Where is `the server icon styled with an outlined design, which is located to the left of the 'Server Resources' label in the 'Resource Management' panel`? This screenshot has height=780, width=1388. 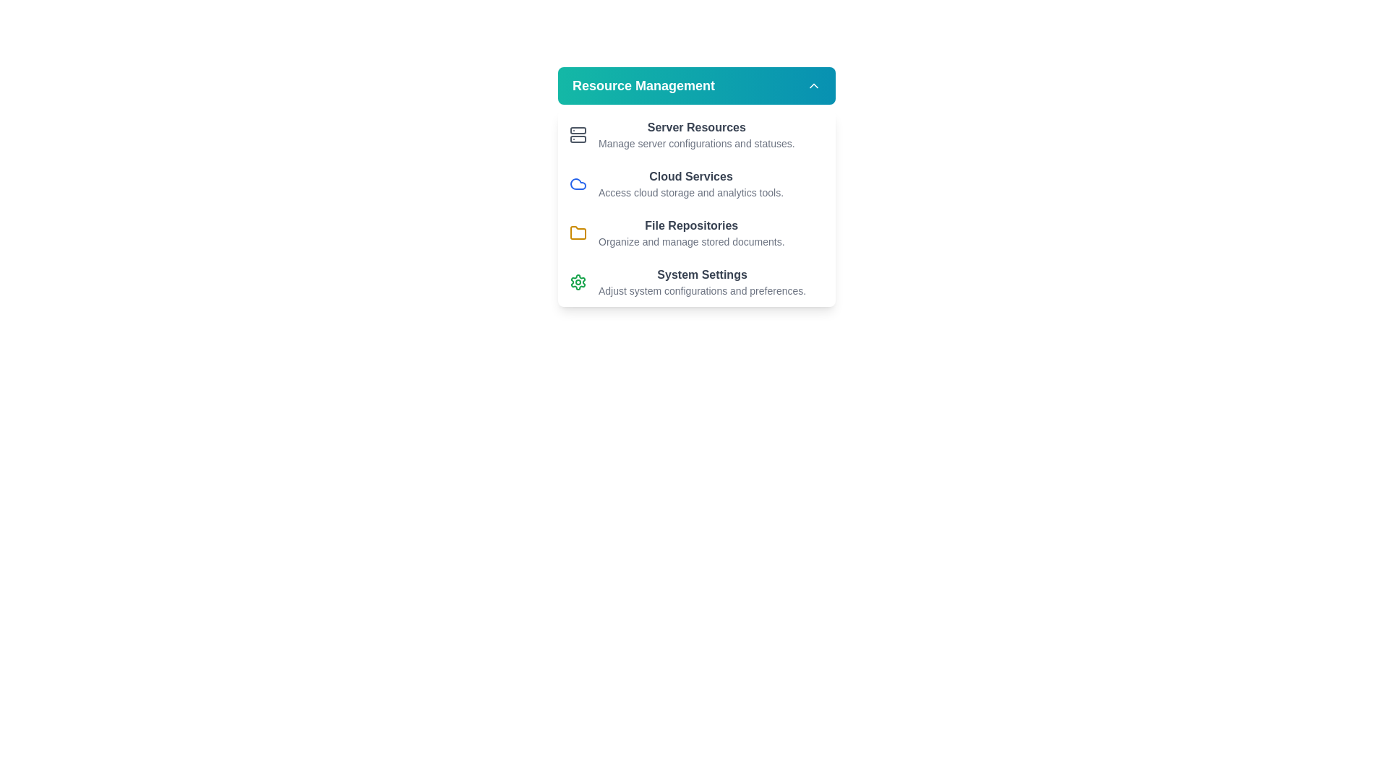
the server icon styled with an outlined design, which is located to the left of the 'Server Resources' label in the 'Resource Management' panel is located at coordinates (578, 134).